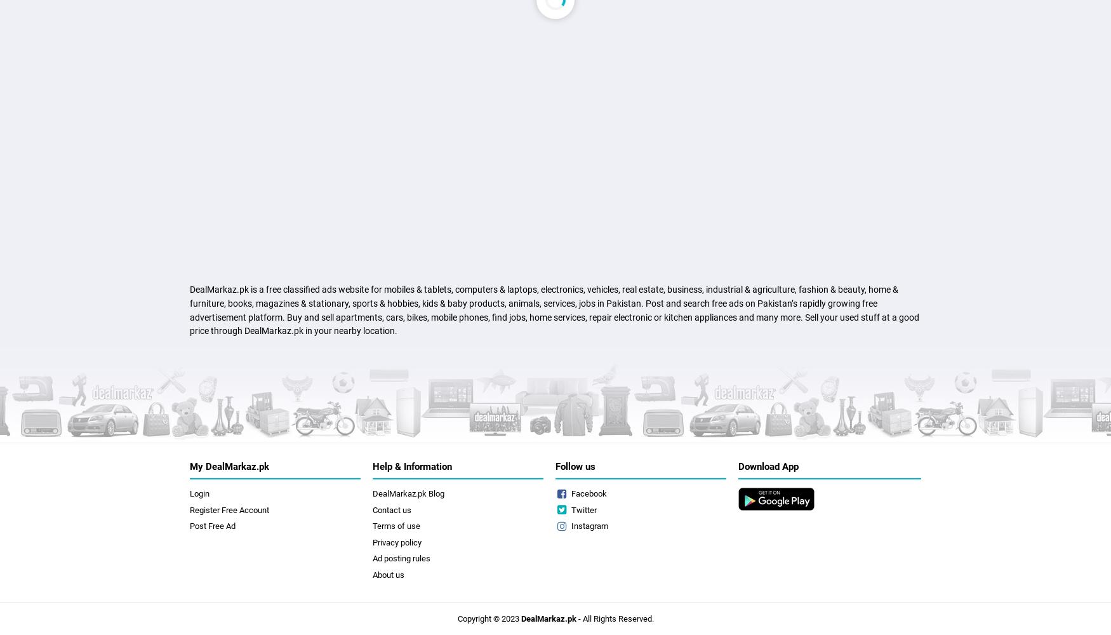  I want to click on 'DealMarkaz.pk', so click(548, 617).